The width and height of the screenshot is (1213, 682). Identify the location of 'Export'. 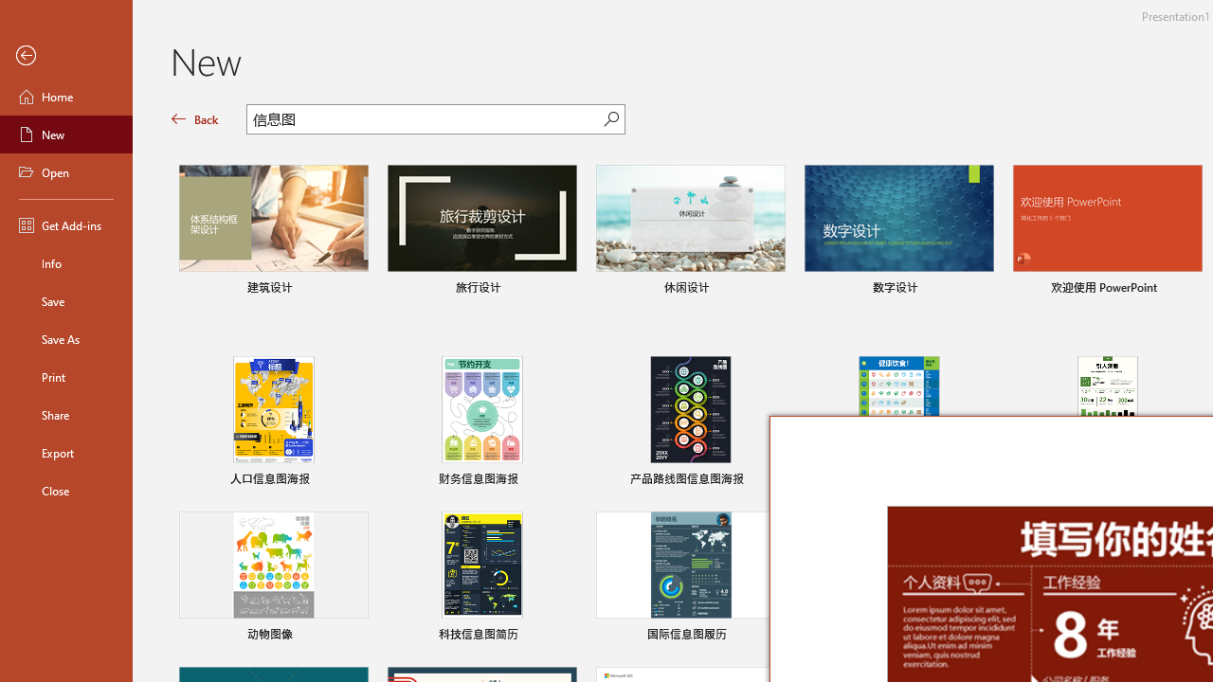
(65, 453).